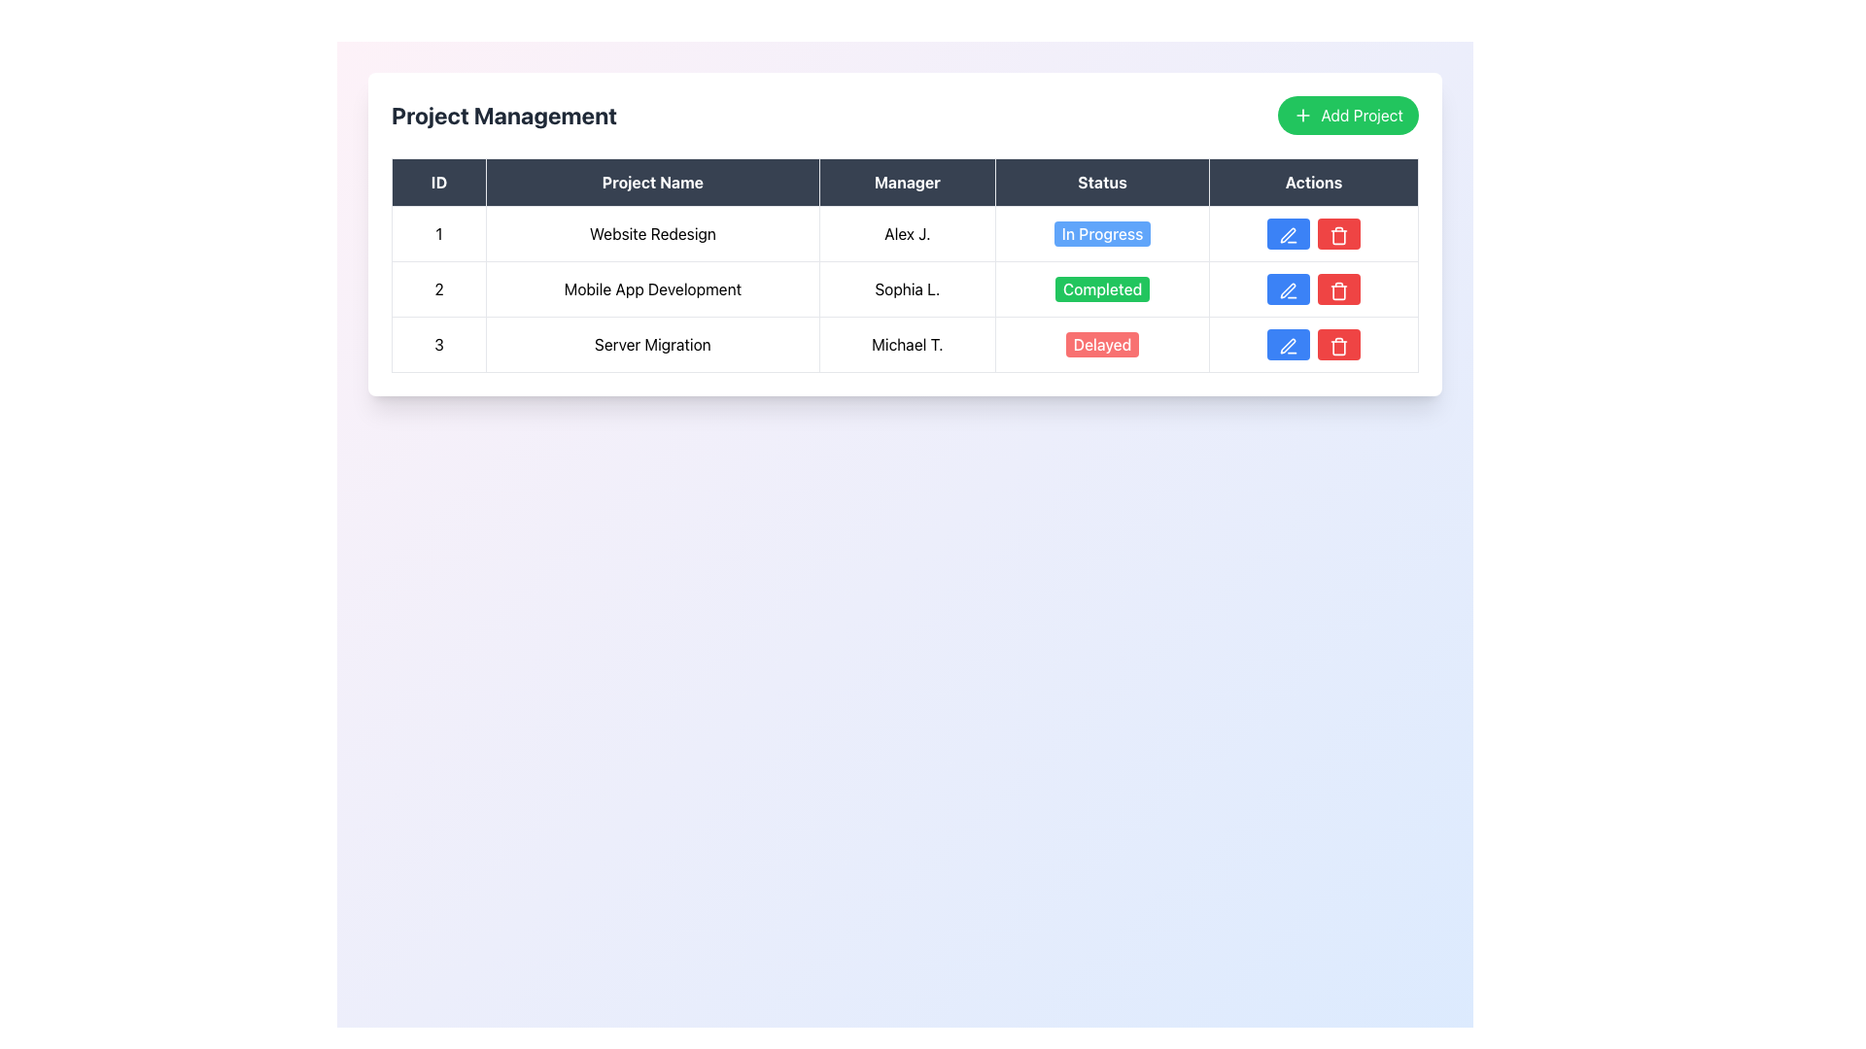 The width and height of the screenshot is (1866, 1049). What do you see at coordinates (906, 288) in the screenshot?
I see `the text 'Sophia L.' located in the third column titled 'Manager' within the second row of the table` at bounding box center [906, 288].